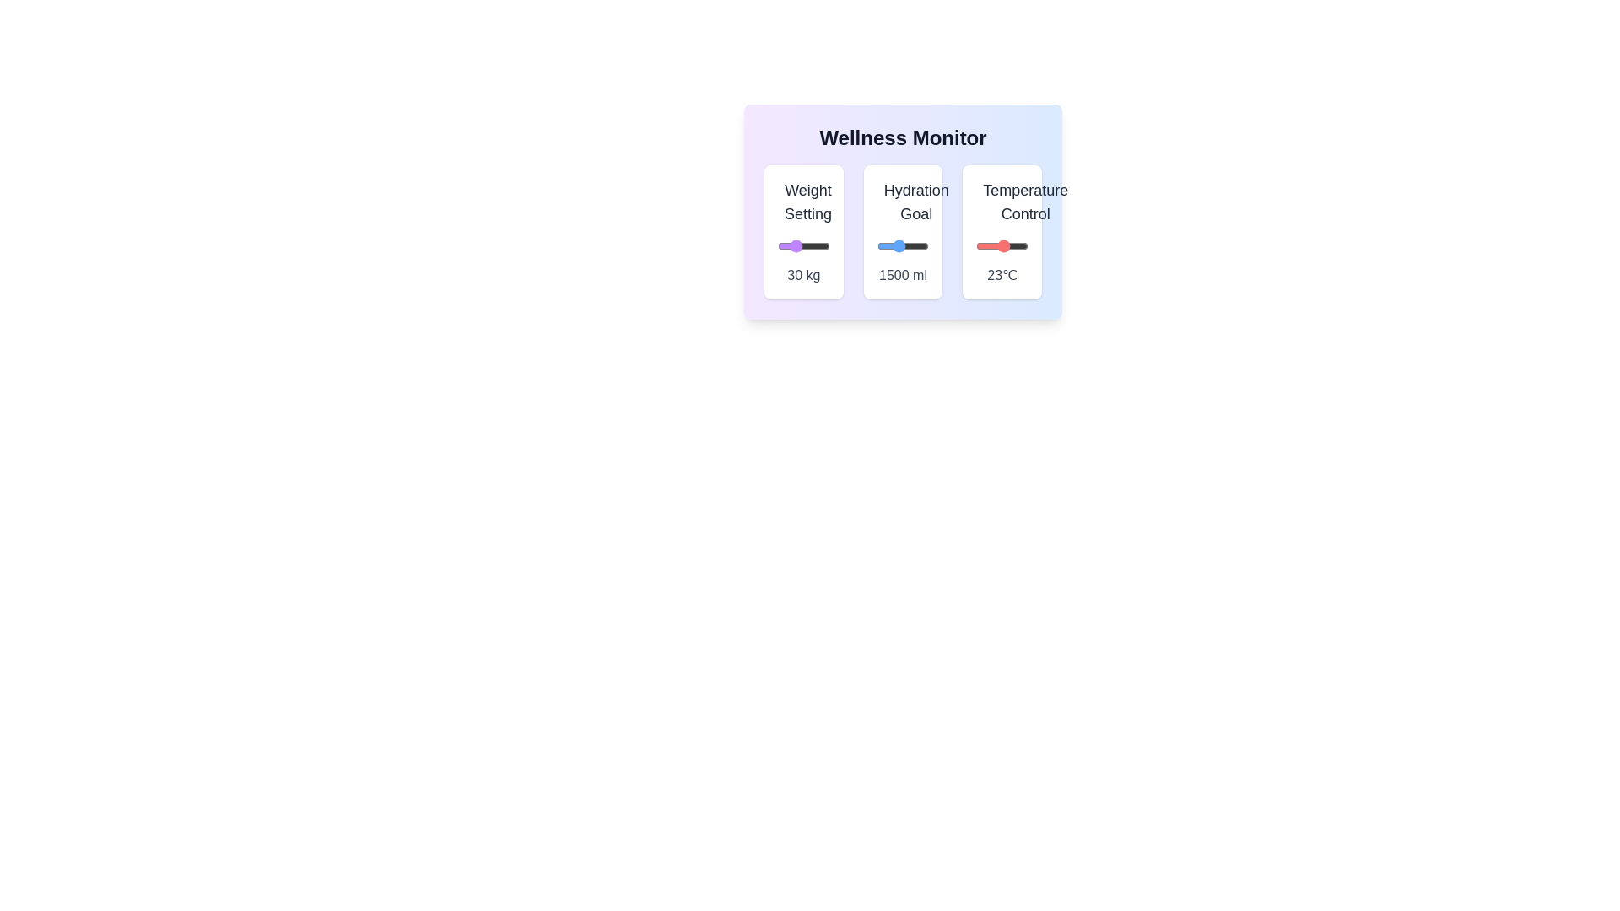 This screenshot has height=911, width=1620. What do you see at coordinates (1002, 275) in the screenshot?
I see `the text label displaying '23℃' which is centered below the red slider in the 'Temperature Control' card` at bounding box center [1002, 275].